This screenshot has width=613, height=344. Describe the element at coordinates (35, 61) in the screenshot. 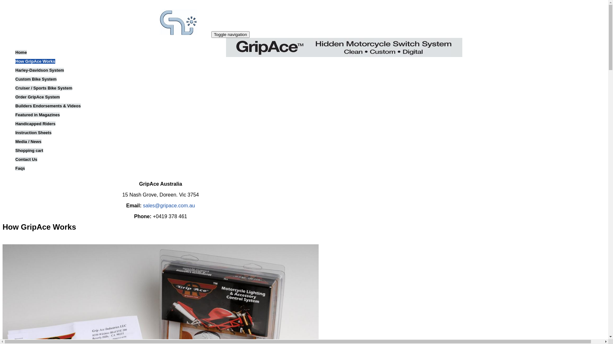

I see `'How GripAce Works'` at that location.